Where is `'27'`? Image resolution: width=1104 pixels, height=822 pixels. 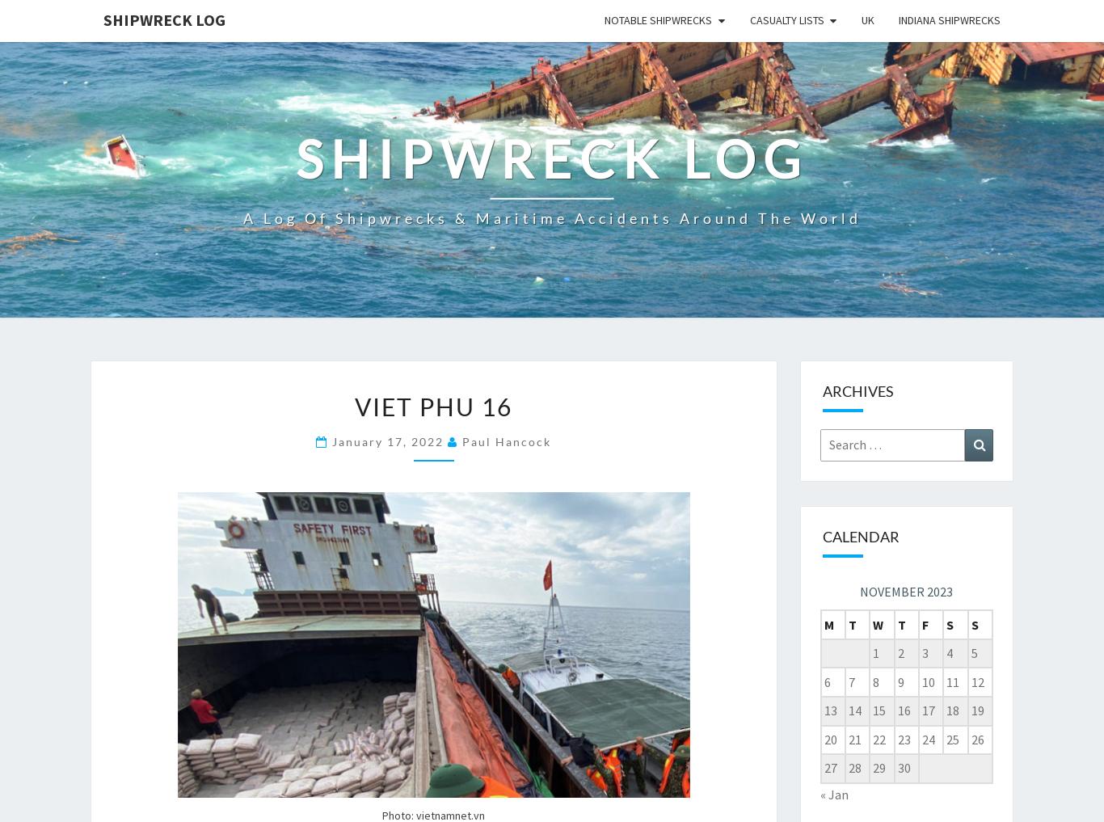
'27' is located at coordinates (828, 766).